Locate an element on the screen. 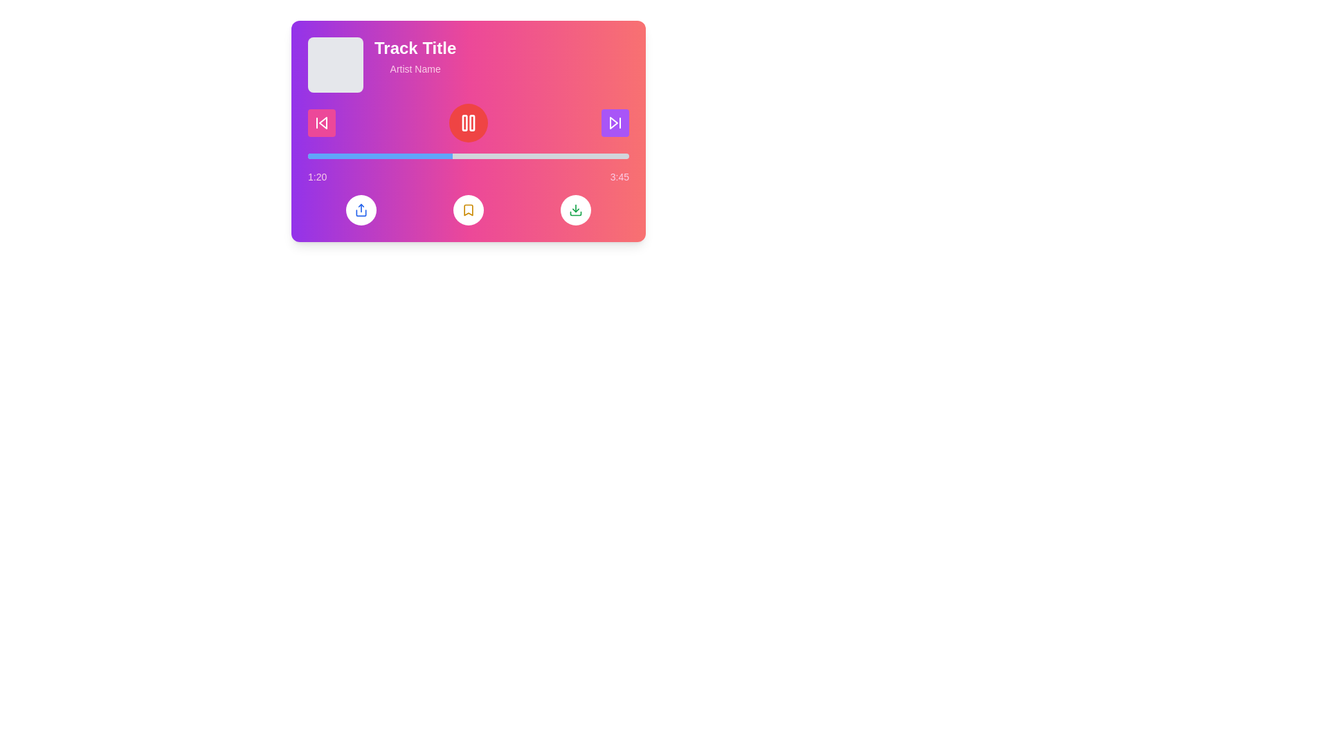 This screenshot has width=1329, height=747. the left rectangle of the 'Pause' icon, which indicates the pause functionality in media playback, located centrally within the media control interface is located at coordinates (464, 122).